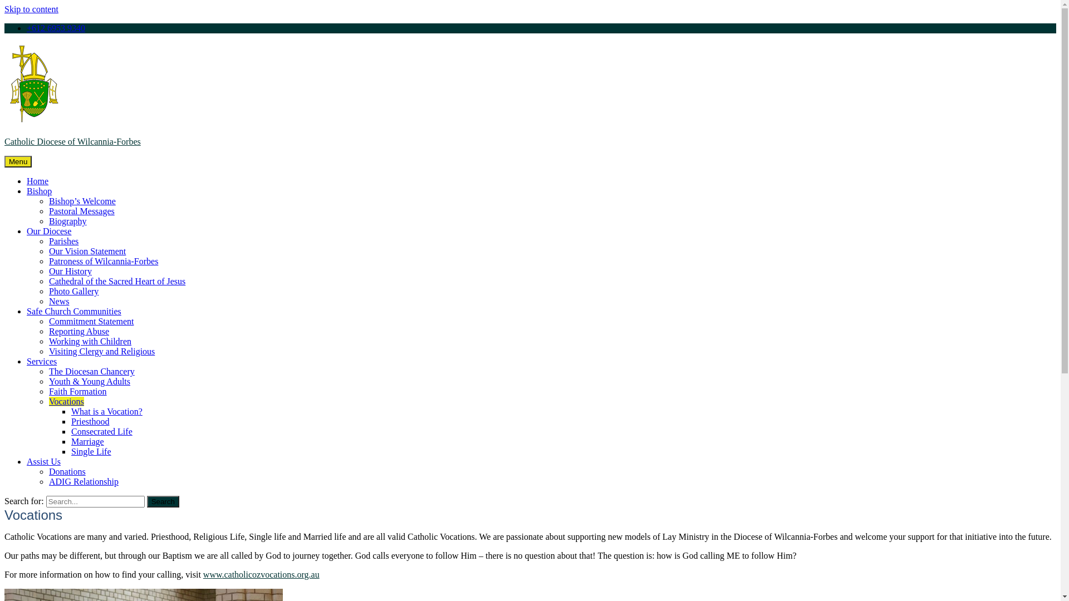  Describe the element at coordinates (90, 381) in the screenshot. I see `'Youth & Young Adults'` at that location.